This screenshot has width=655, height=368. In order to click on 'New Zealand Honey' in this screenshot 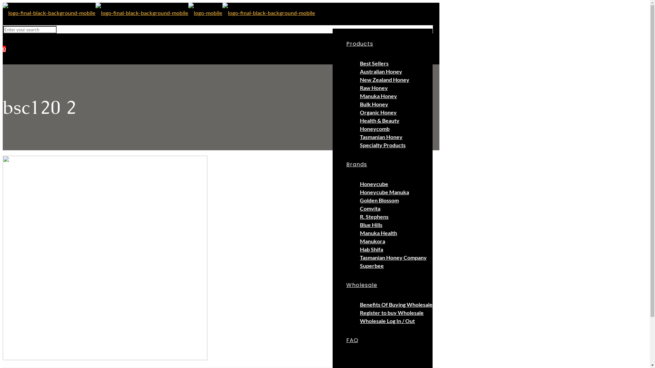, I will do `click(384, 79)`.